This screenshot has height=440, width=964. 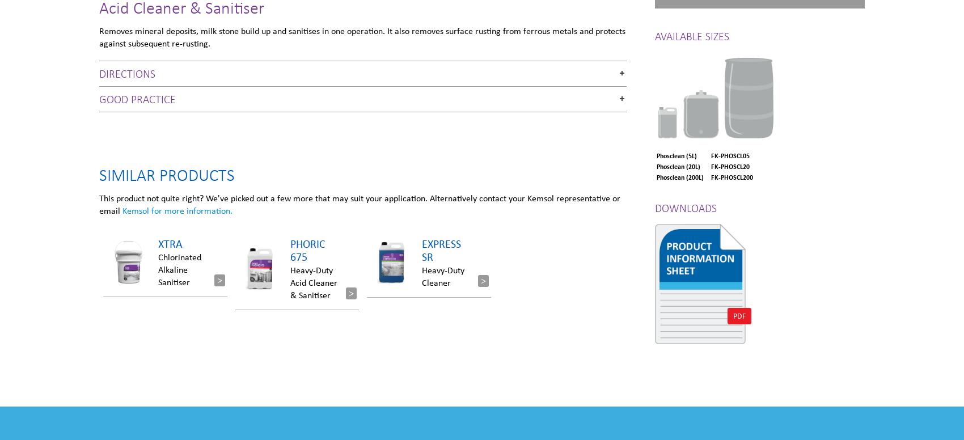 What do you see at coordinates (362, 36) in the screenshot?
I see `'Removes mineral deposits, milk stone build up and sanitises in one operation. It also removes surface rusting from ferrous metals and protects against subsequent re-rusting.'` at bounding box center [362, 36].